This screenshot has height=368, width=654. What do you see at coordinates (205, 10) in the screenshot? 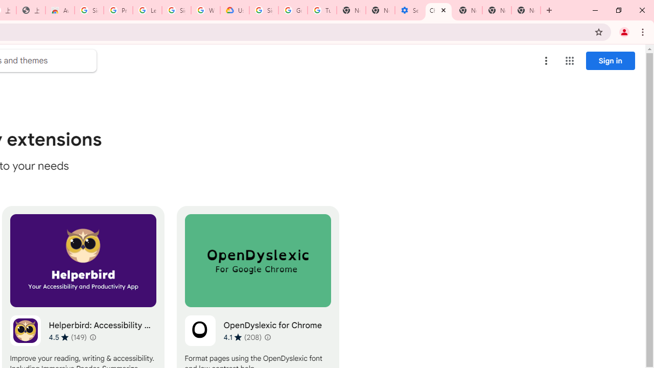
I see `'Who are Google'` at bounding box center [205, 10].